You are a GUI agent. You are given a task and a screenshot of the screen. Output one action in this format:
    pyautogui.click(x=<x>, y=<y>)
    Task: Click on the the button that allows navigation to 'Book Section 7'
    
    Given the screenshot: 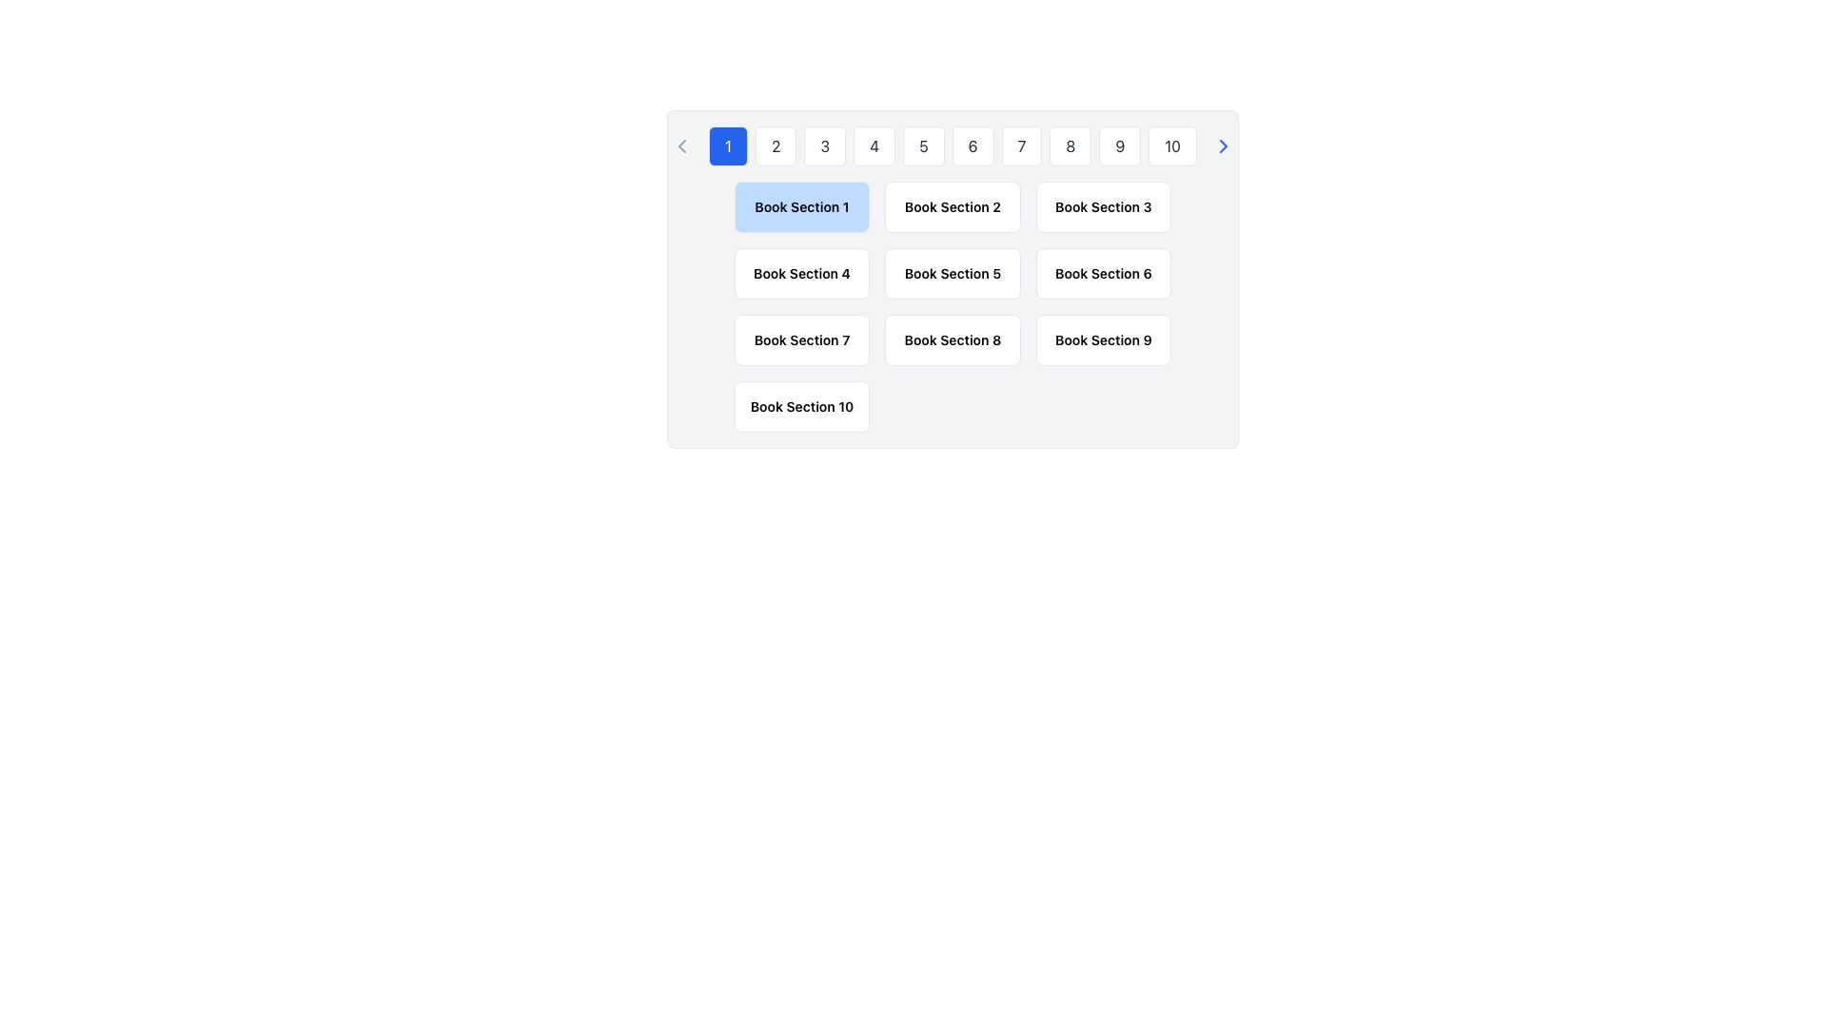 What is the action you would take?
    pyautogui.click(x=802, y=339)
    